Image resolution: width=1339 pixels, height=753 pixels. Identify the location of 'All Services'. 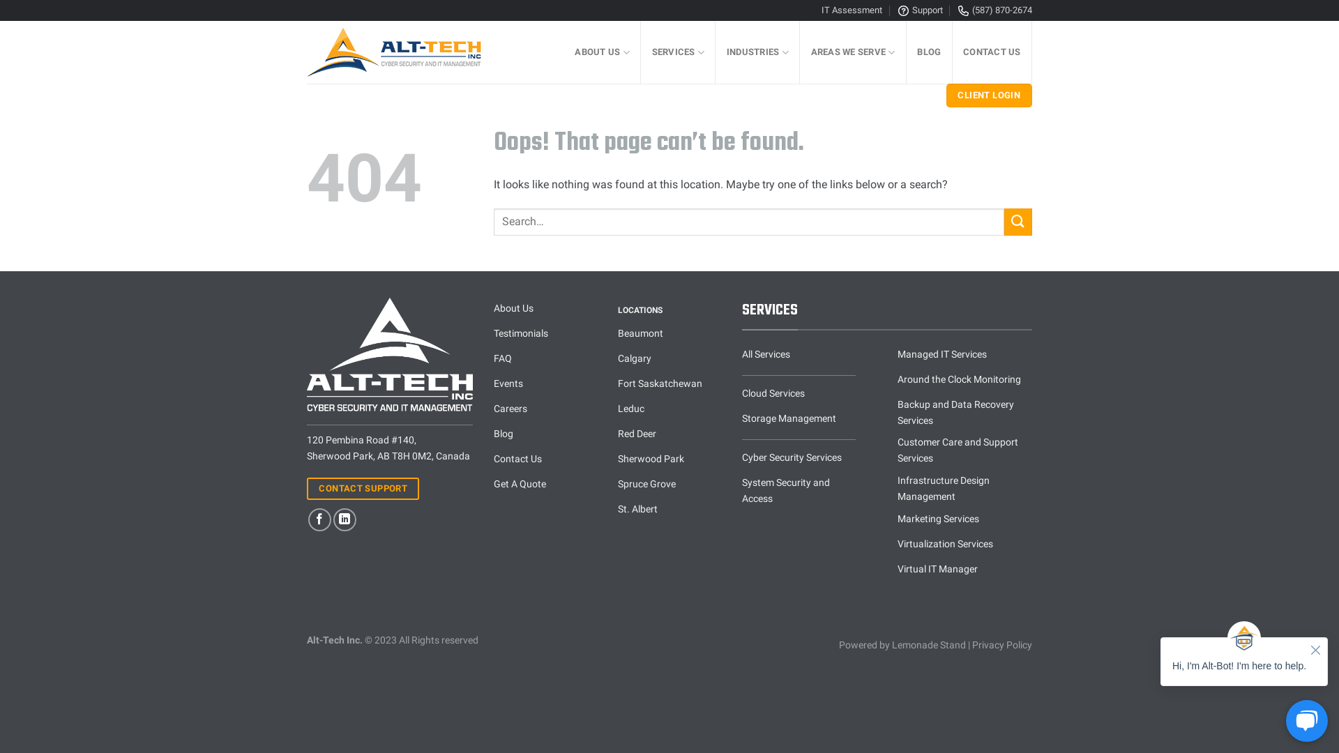
(799, 354).